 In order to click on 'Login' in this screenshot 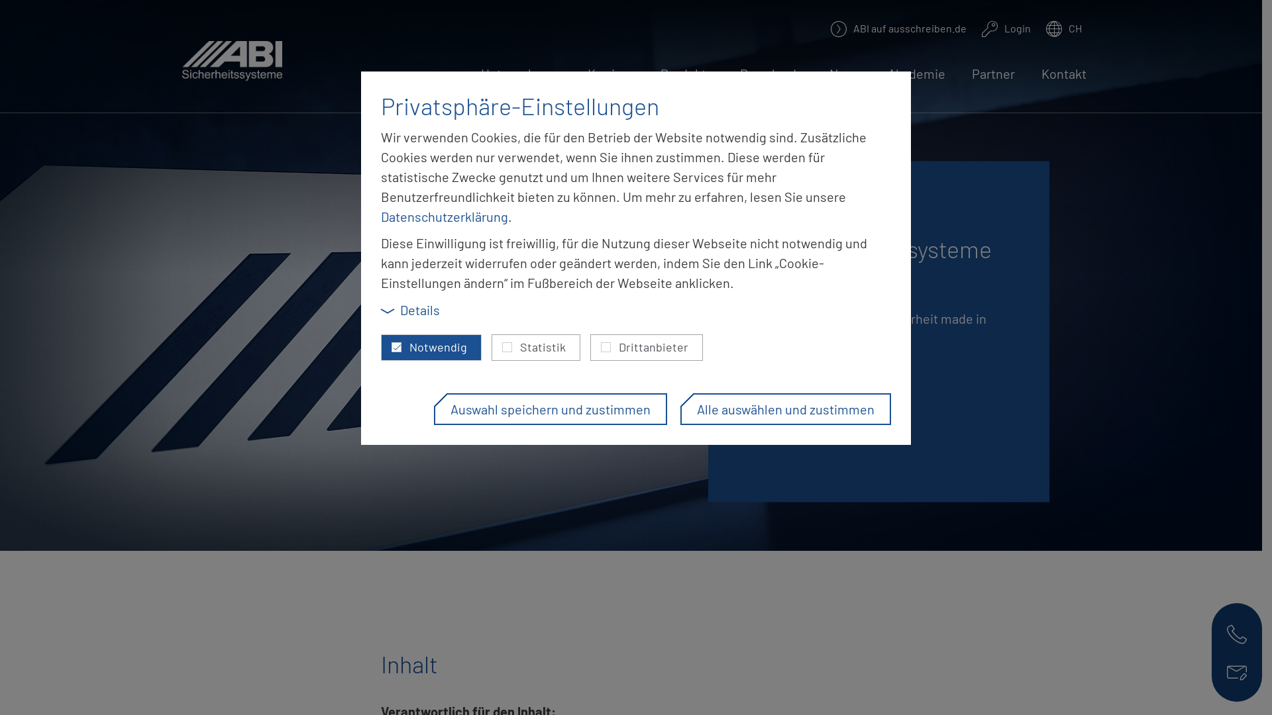, I will do `click(1006, 28)`.